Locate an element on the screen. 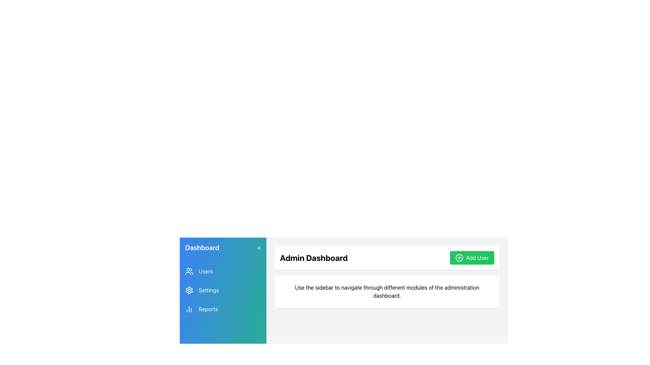 This screenshot has height=365, width=650. the navigation button located in the header bar to the right of the 'Dashboard' label is located at coordinates (259, 247).